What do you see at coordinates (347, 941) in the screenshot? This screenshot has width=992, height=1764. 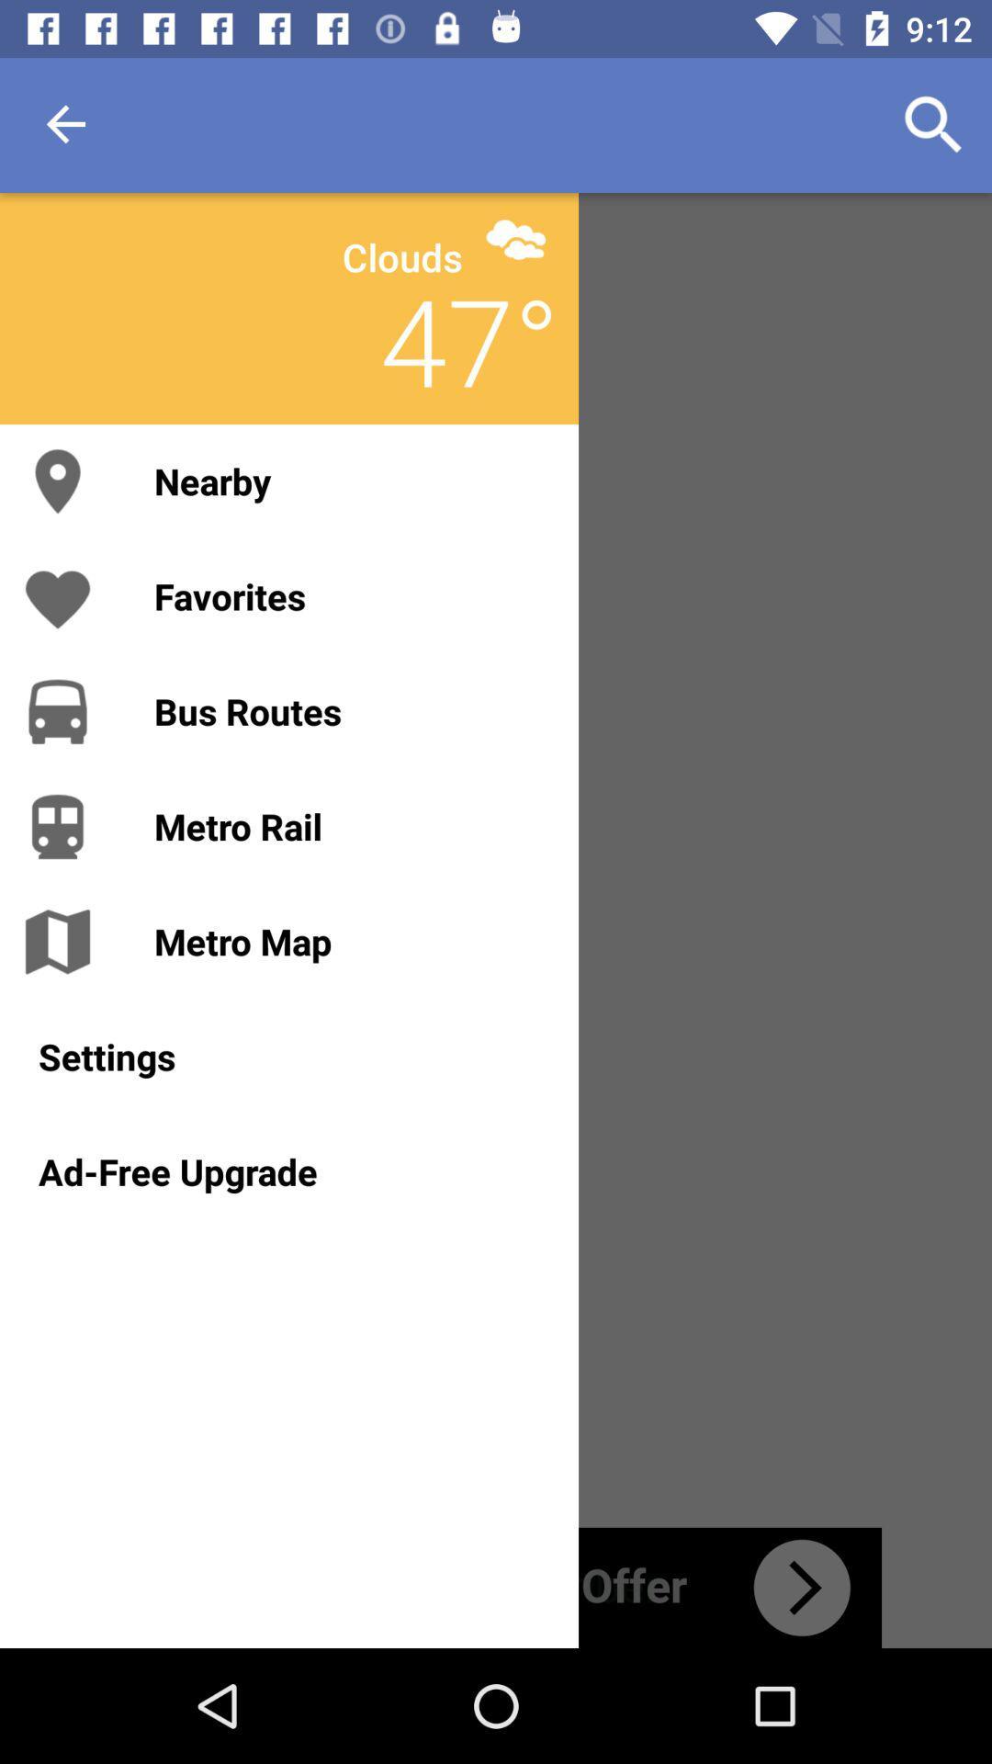 I see `the metro map item` at bounding box center [347, 941].